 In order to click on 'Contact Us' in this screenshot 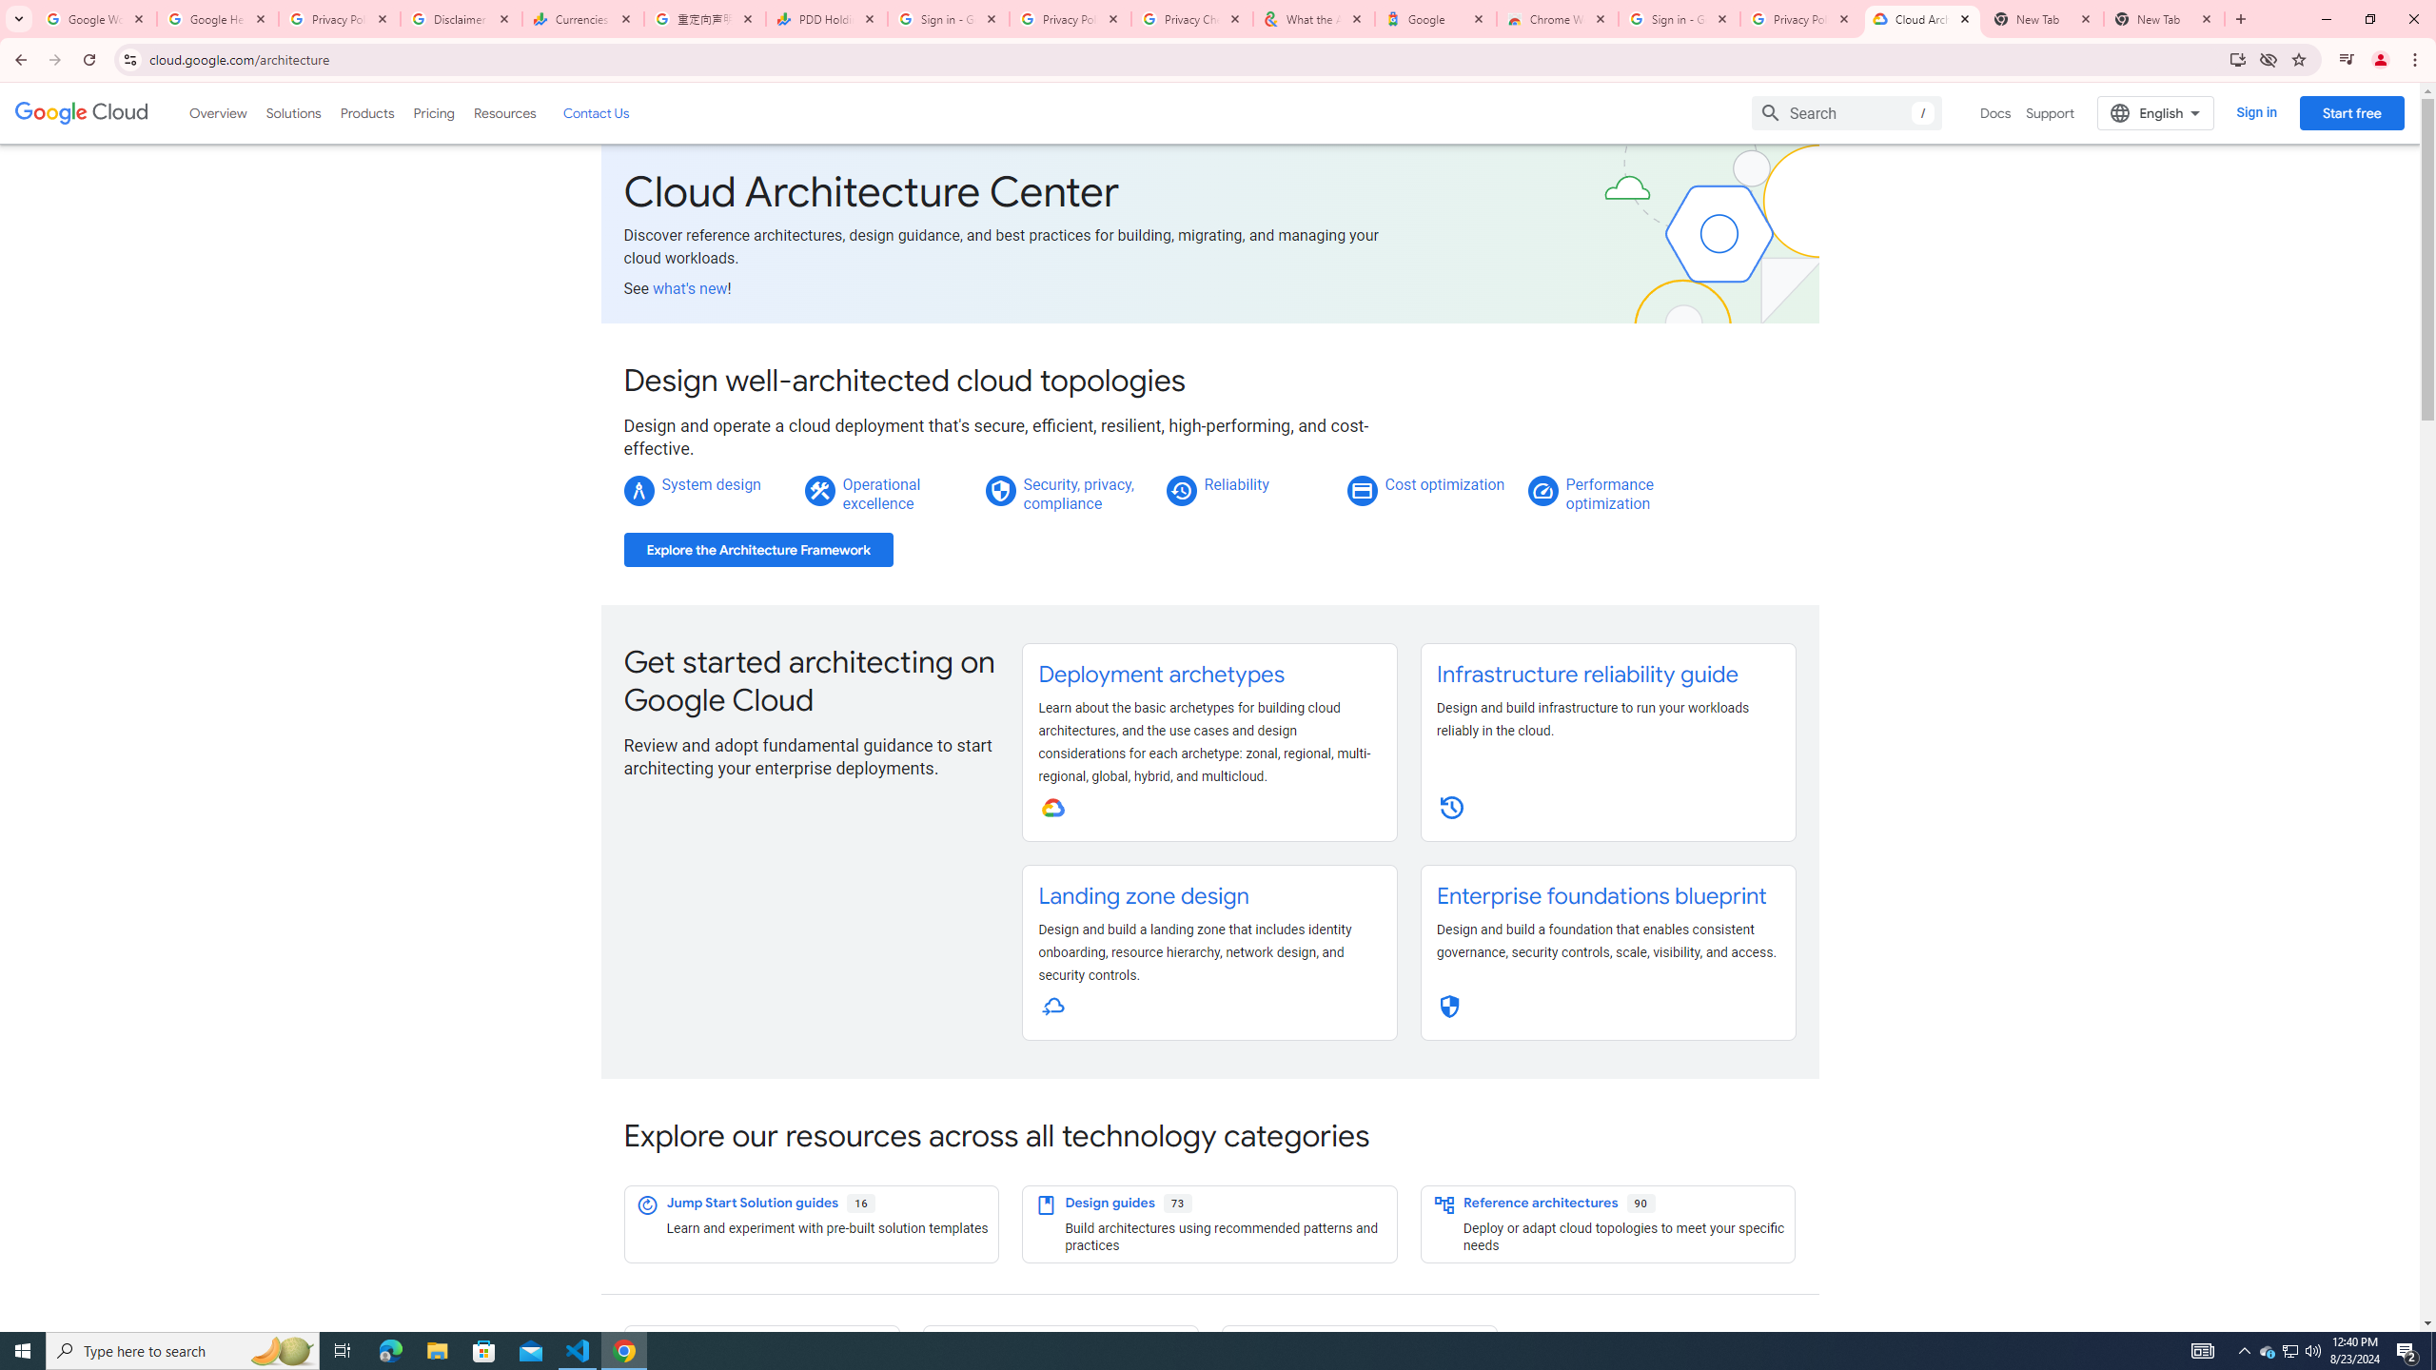, I will do `click(594, 112)`.